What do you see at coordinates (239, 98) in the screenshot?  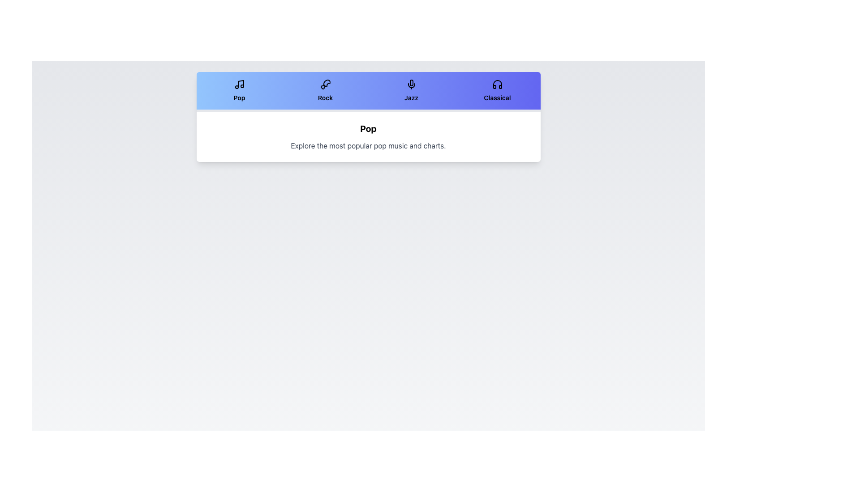 I see `the text label displaying 'Pop'` at bounding box center [239, 98].